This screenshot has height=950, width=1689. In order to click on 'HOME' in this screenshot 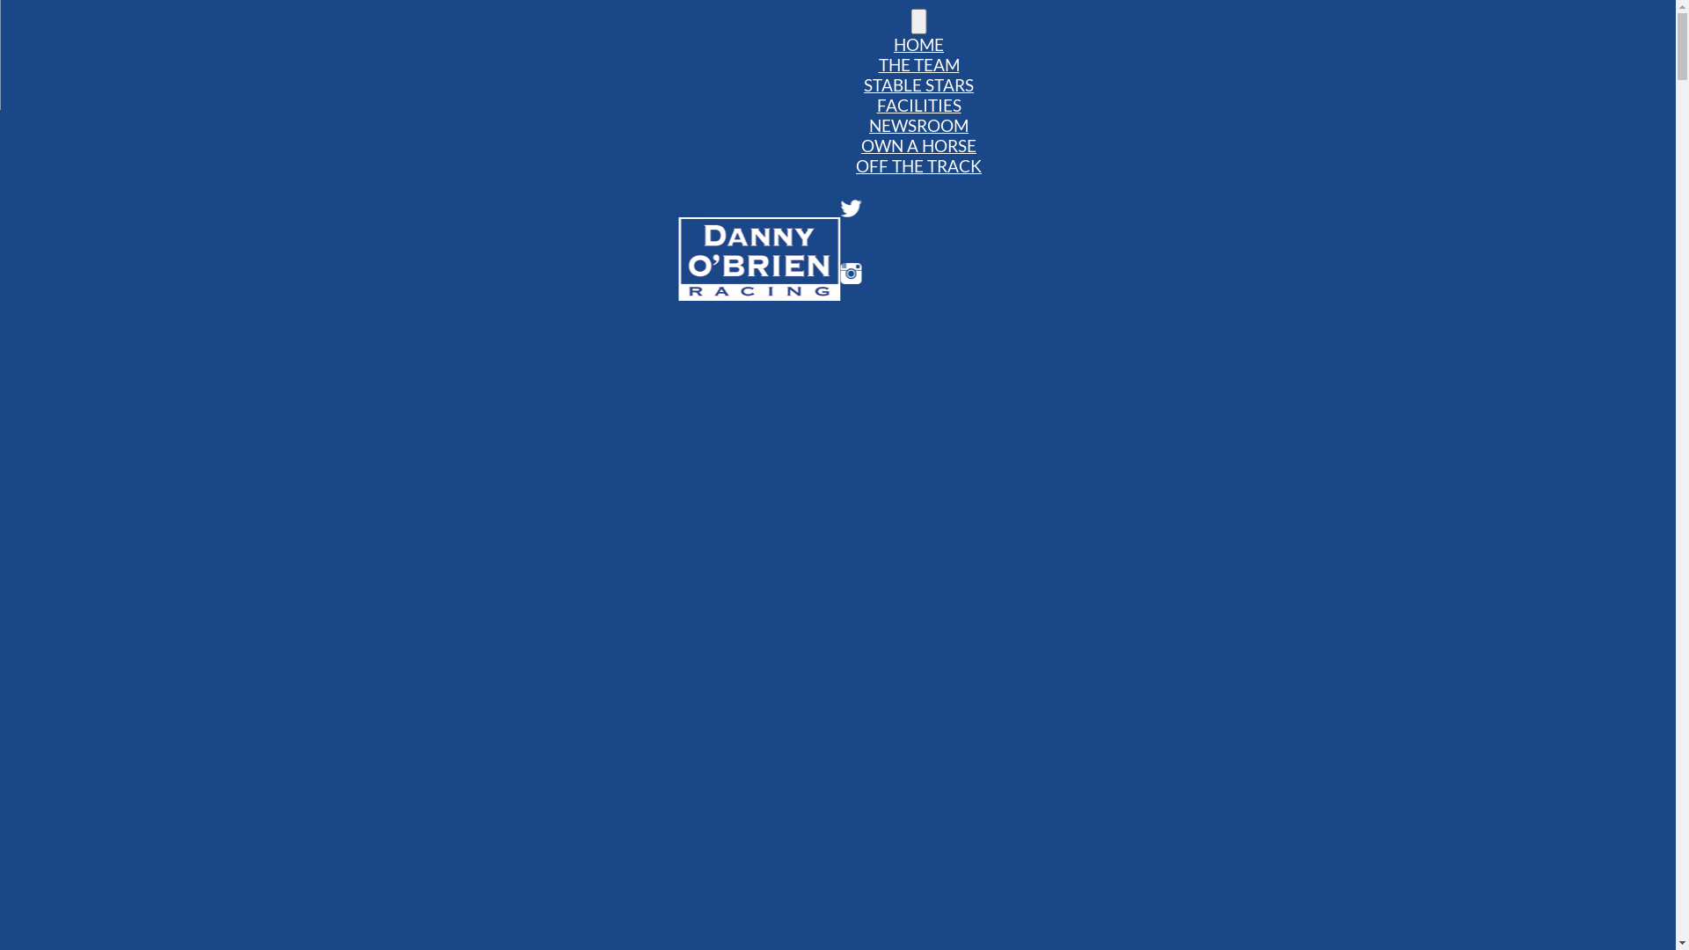, I will do `click(918, 43)`.